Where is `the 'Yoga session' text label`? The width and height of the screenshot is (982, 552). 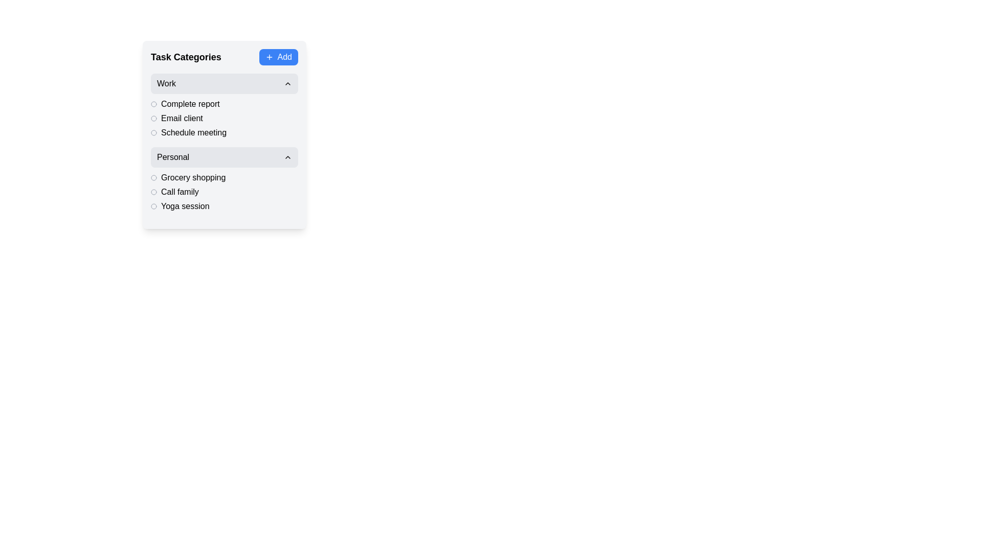
the 'Yoga session' text label is located at coordinates (185, 206).